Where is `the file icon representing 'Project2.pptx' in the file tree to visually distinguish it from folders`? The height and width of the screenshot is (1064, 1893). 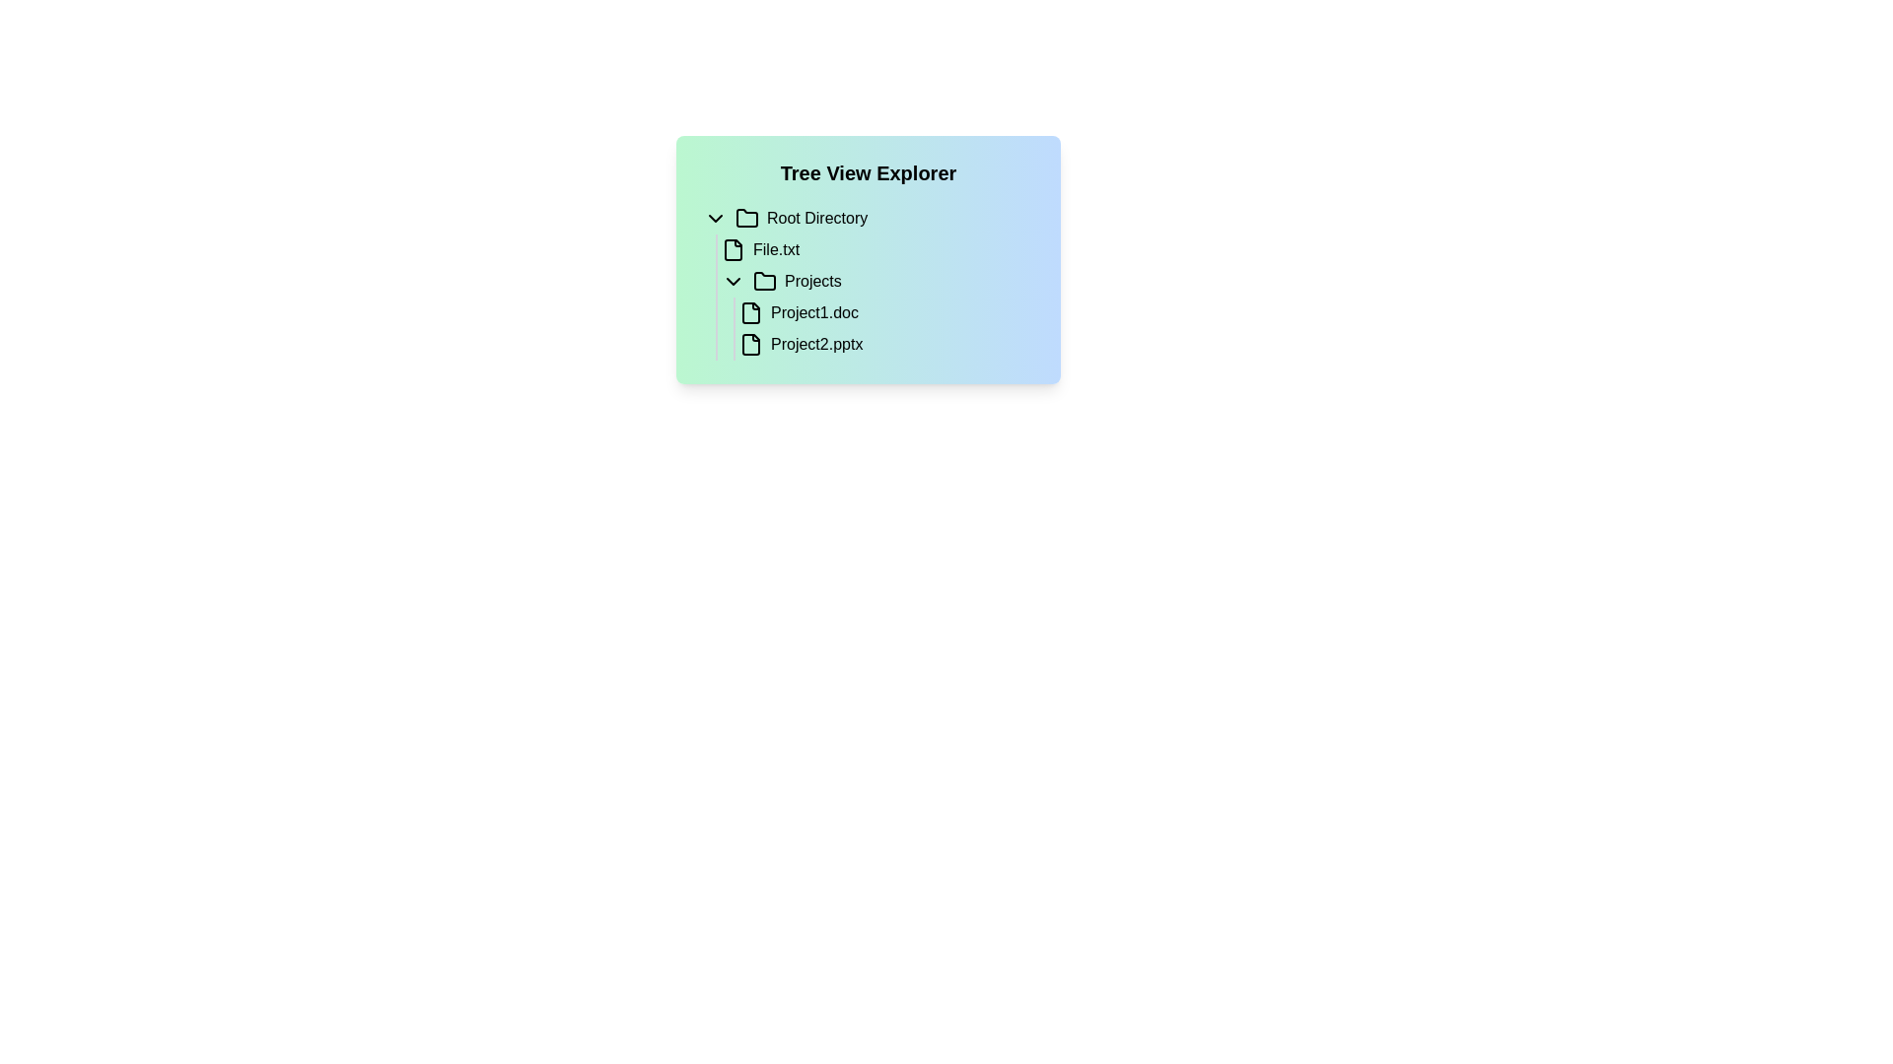 the file icon representing 'Project2.pptx' in the file tree to visually distinguish it from folders is located at coordinates (750, 344).